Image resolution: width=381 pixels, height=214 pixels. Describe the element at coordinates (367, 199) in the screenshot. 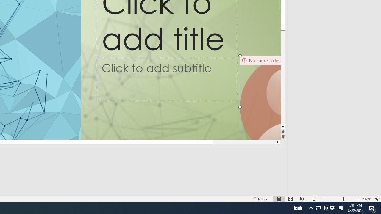

I see `'Zoom 160%'` at that location.